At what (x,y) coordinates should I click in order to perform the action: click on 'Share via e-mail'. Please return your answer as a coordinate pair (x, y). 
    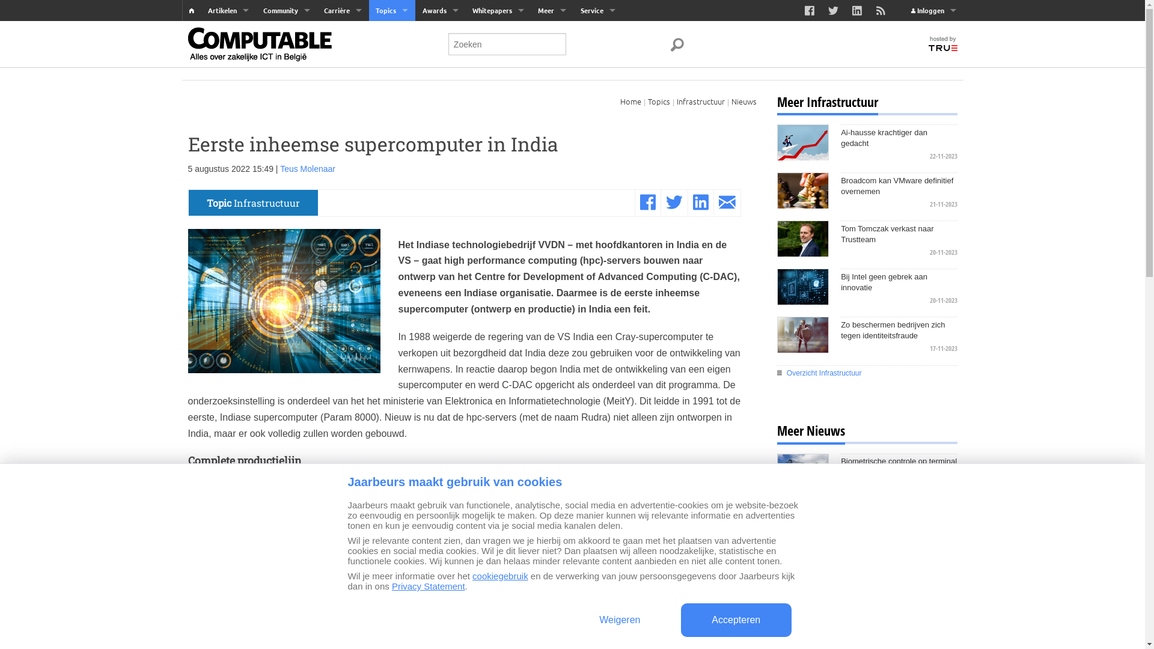
    Looking at the image, I should click on (718, 202).